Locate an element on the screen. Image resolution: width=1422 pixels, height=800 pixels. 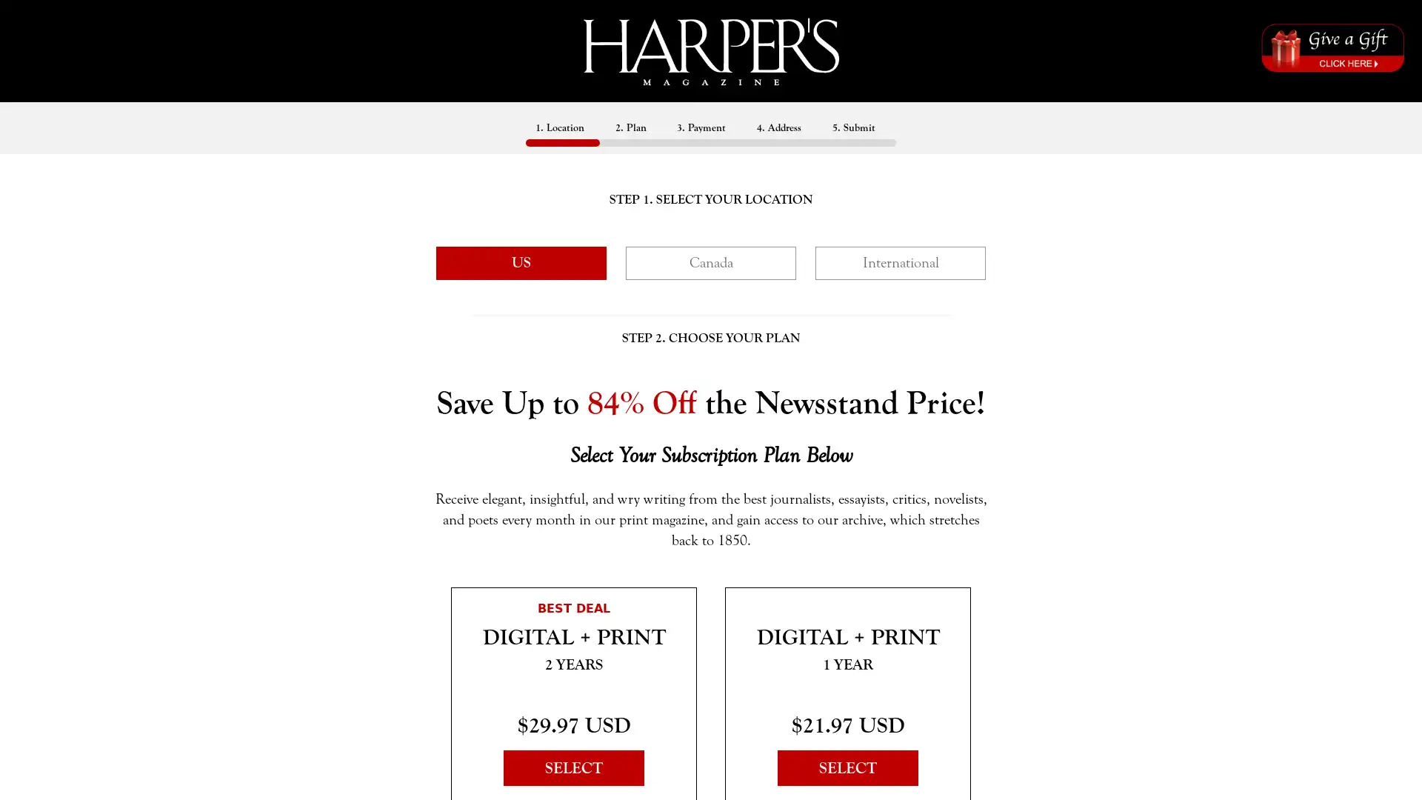
International is located at coordinates (899, 261).